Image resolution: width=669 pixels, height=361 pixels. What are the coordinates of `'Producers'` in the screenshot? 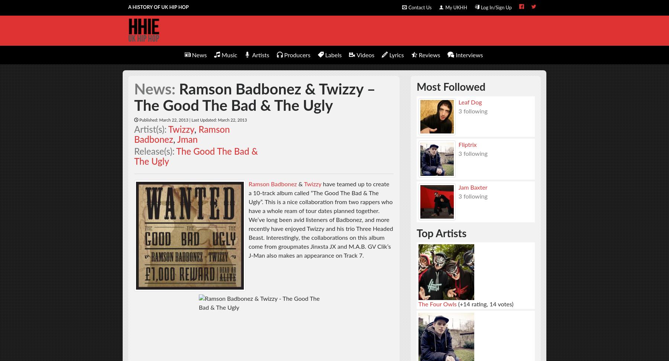 It's located at (297, 55).